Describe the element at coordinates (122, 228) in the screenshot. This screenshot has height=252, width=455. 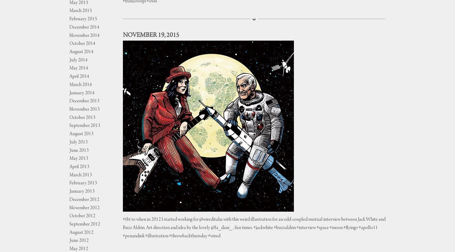
I see `'#tbt to when in 2012 I started working for @wireditalia with this weird illustration for an odd-coupled mutual interview between Jack White and Buzz Aldrin. Art direction and idea by the lovely @la_dani_ , fun times. #jackwhite #buzzaldrin #interview #space #moon #flyingv #apollo11 #penandink #illustration #throwbackthursday #wired'` at that location.